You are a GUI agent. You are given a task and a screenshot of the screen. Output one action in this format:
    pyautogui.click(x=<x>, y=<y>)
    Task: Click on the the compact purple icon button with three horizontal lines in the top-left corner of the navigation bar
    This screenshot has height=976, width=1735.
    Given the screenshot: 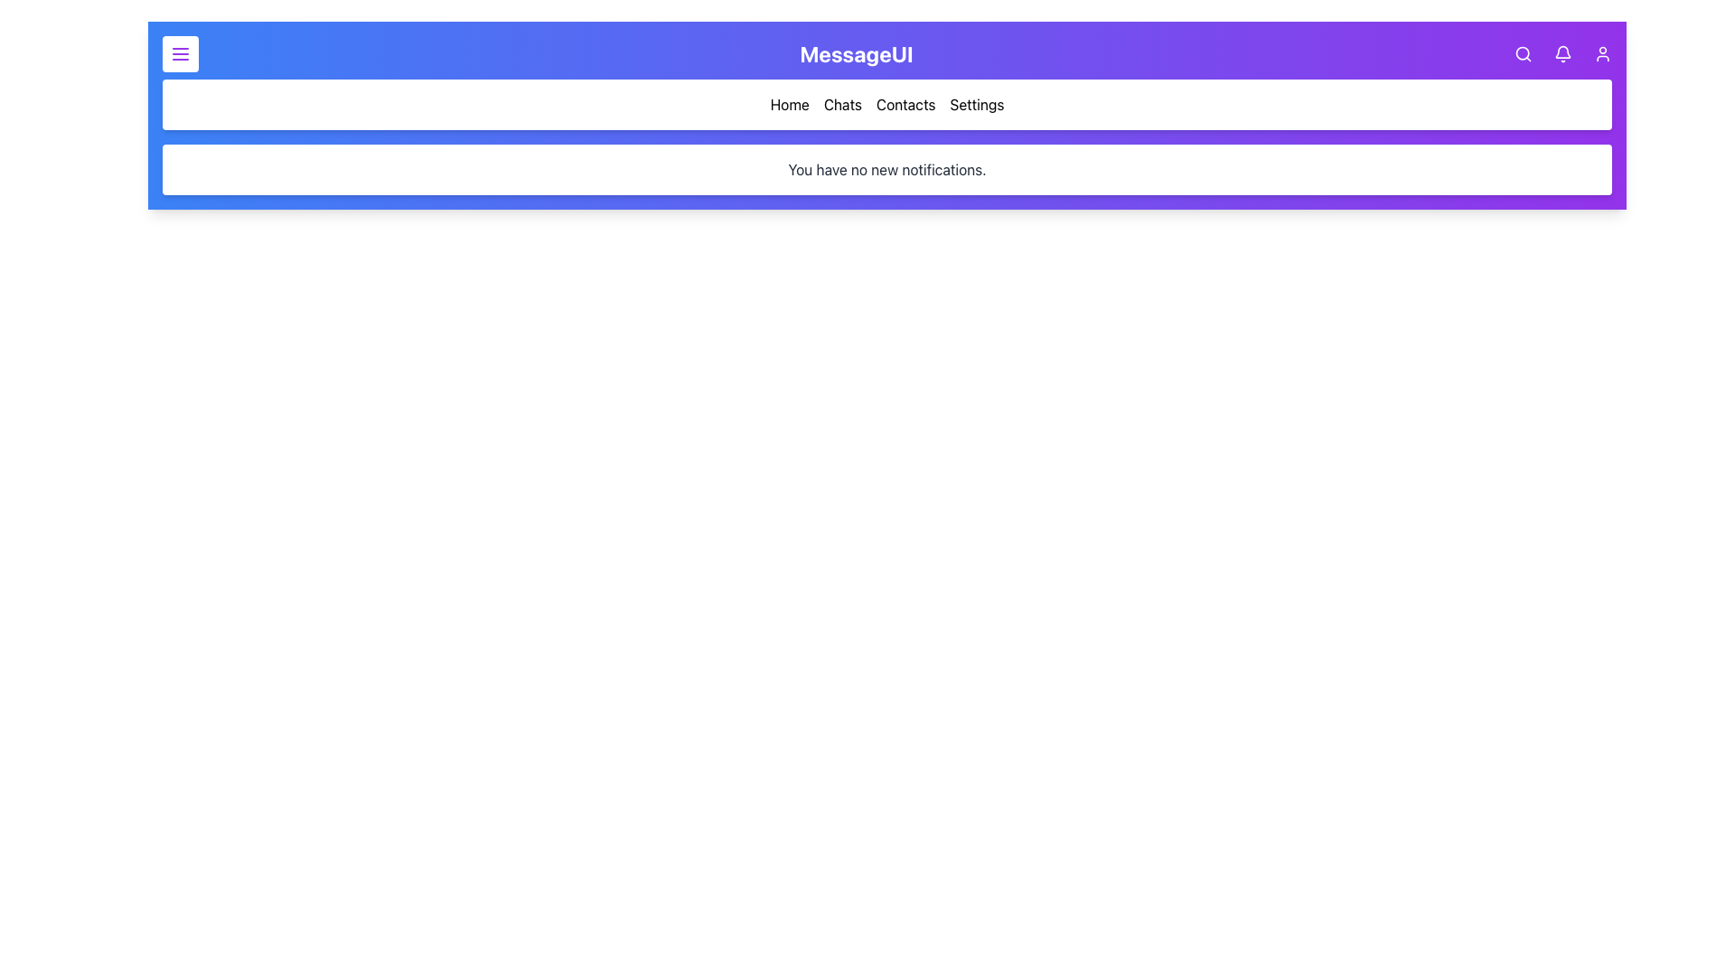 What is the action you would take?
    pyautogui.click(x=181, y=53)
    